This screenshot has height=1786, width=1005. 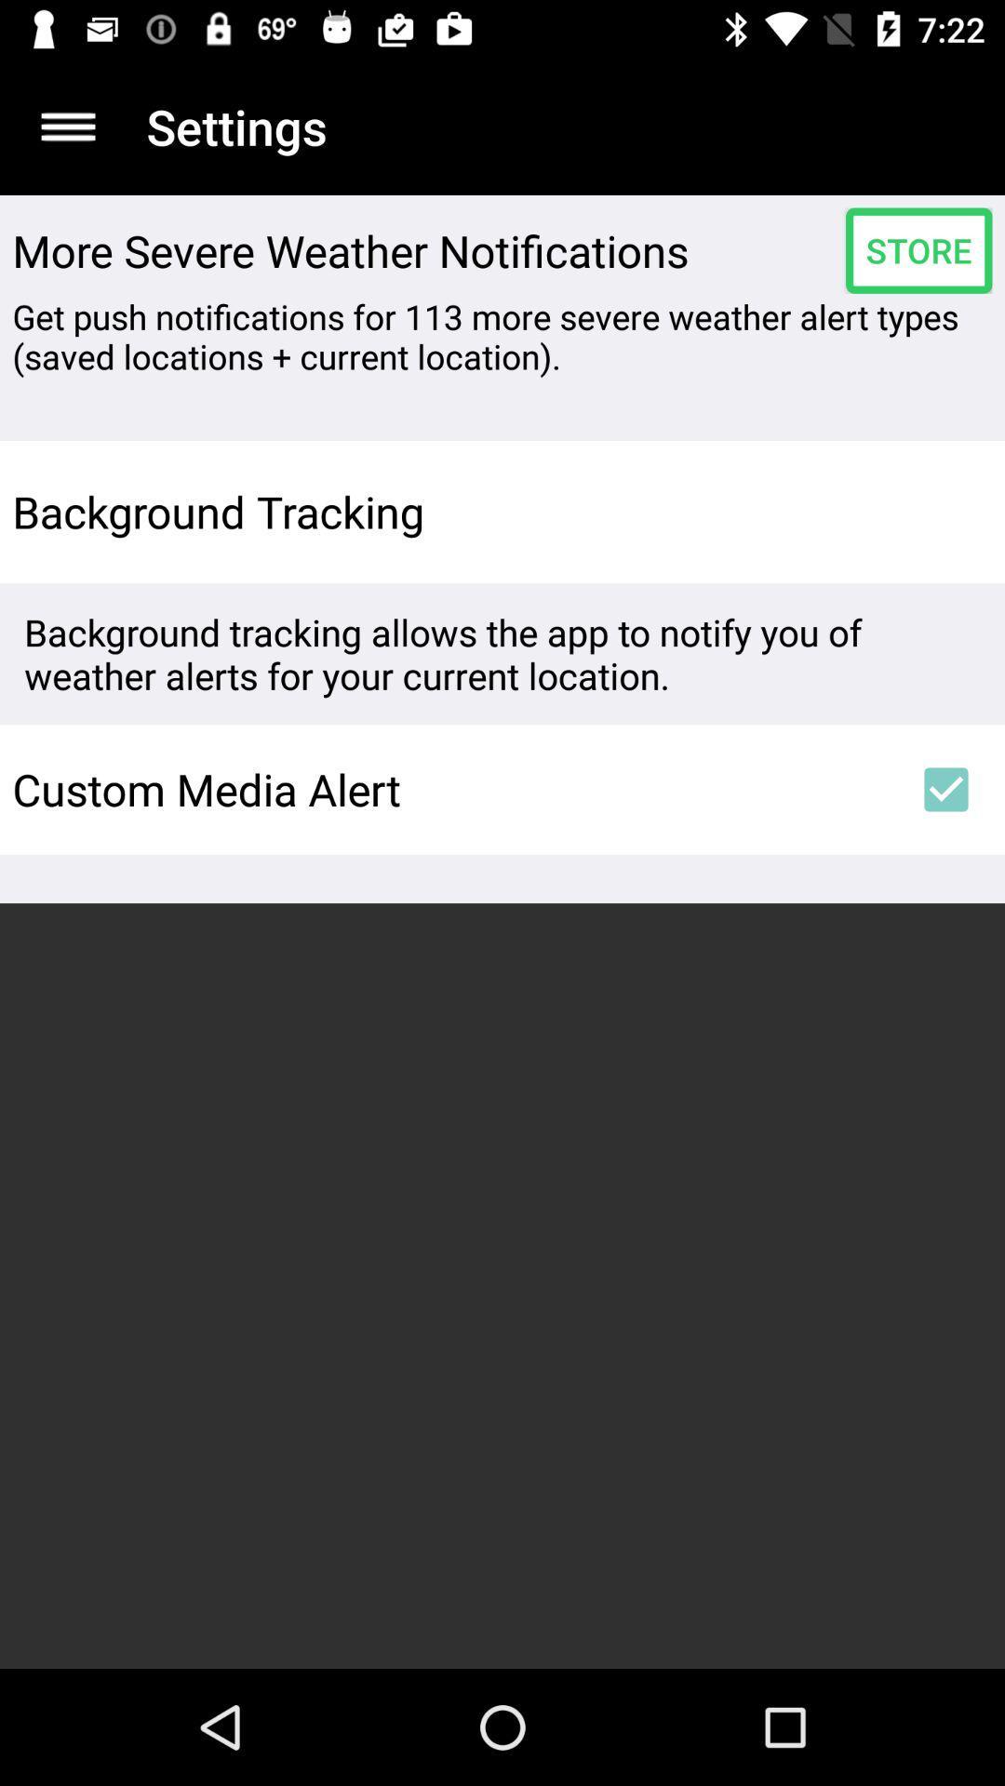 I want to click on icon above the more severe weather icon, so click(x=67, y=126).